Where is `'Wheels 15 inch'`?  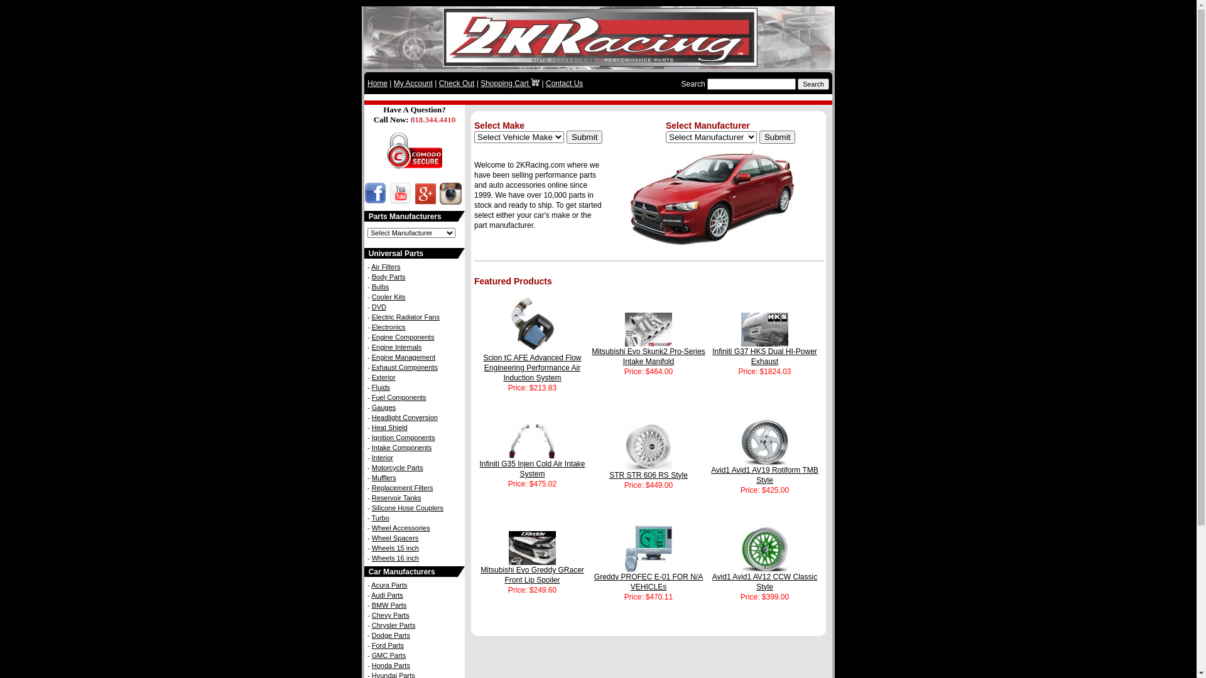 'Wheels 15 inch' is located at coordinates (371, 547).